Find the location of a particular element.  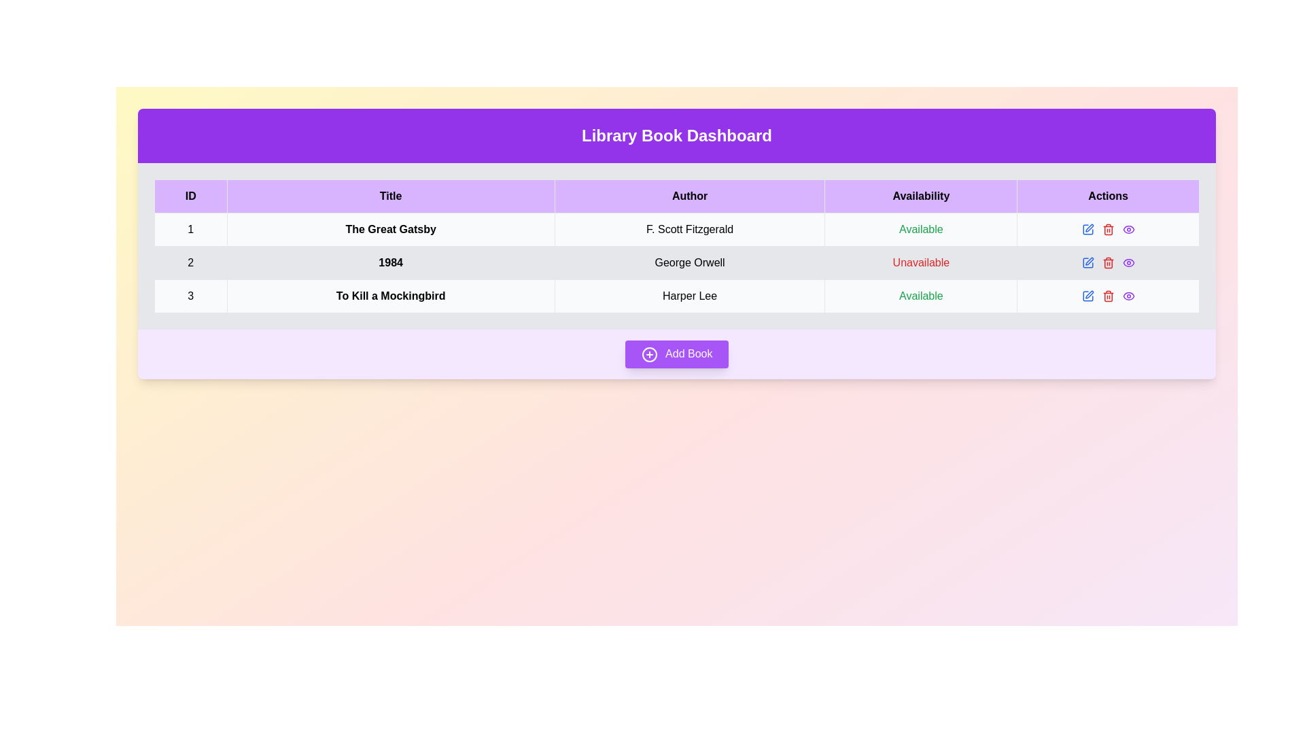

the first column header of the table that labels the column containing identification numbers is located at coordinates (190, 196).